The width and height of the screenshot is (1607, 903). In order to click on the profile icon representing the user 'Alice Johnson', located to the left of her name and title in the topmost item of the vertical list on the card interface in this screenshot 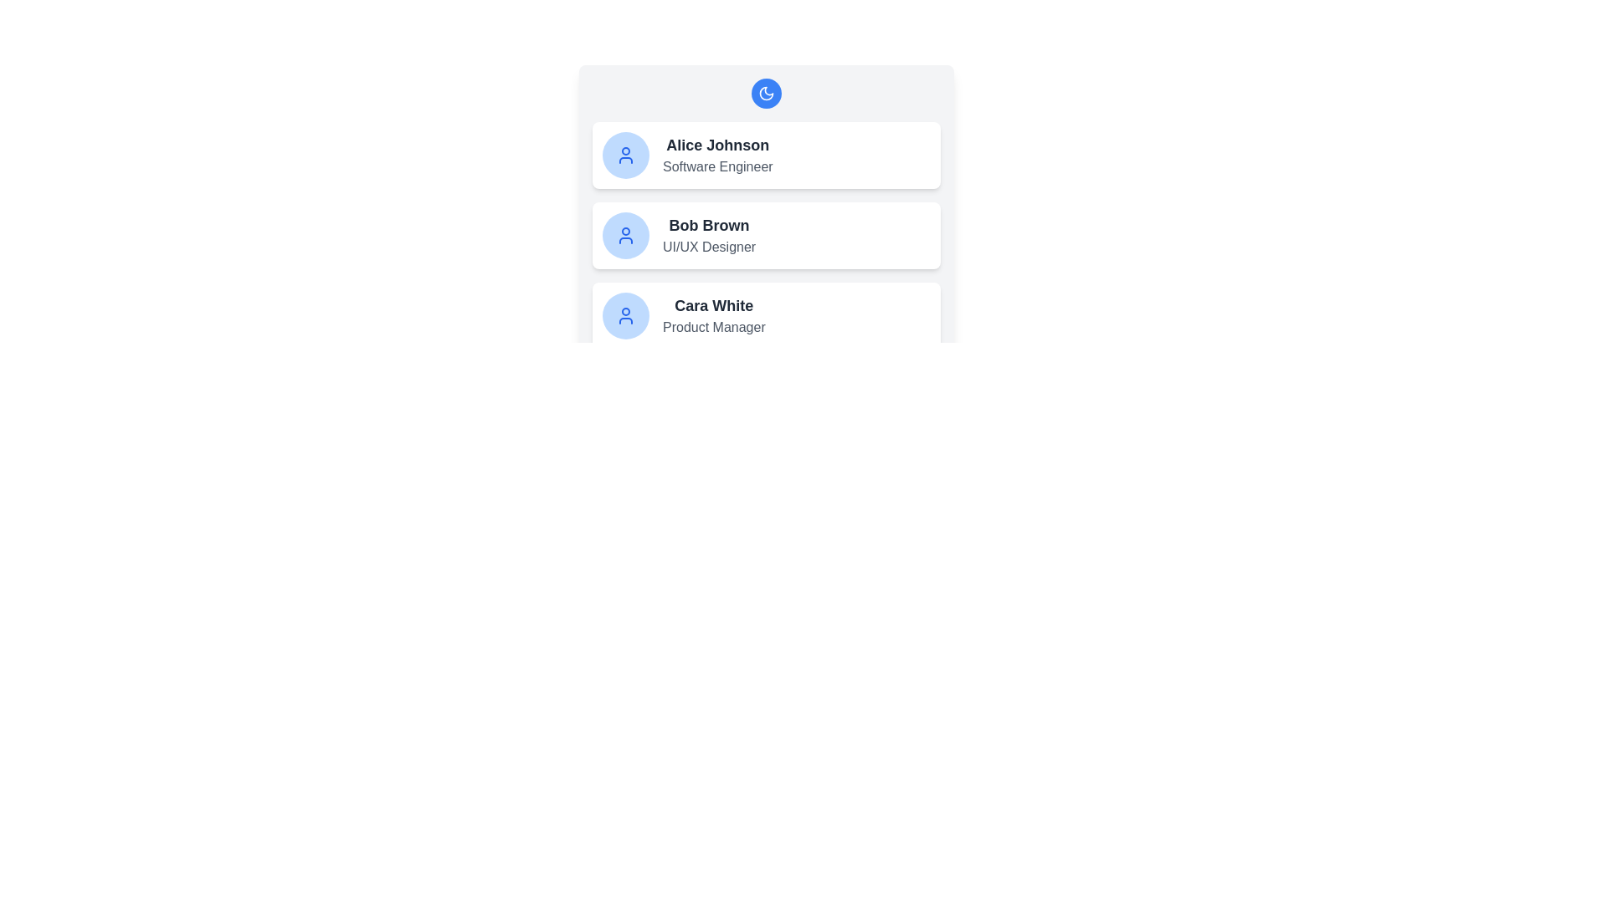, I will do `click(625, 155)`.